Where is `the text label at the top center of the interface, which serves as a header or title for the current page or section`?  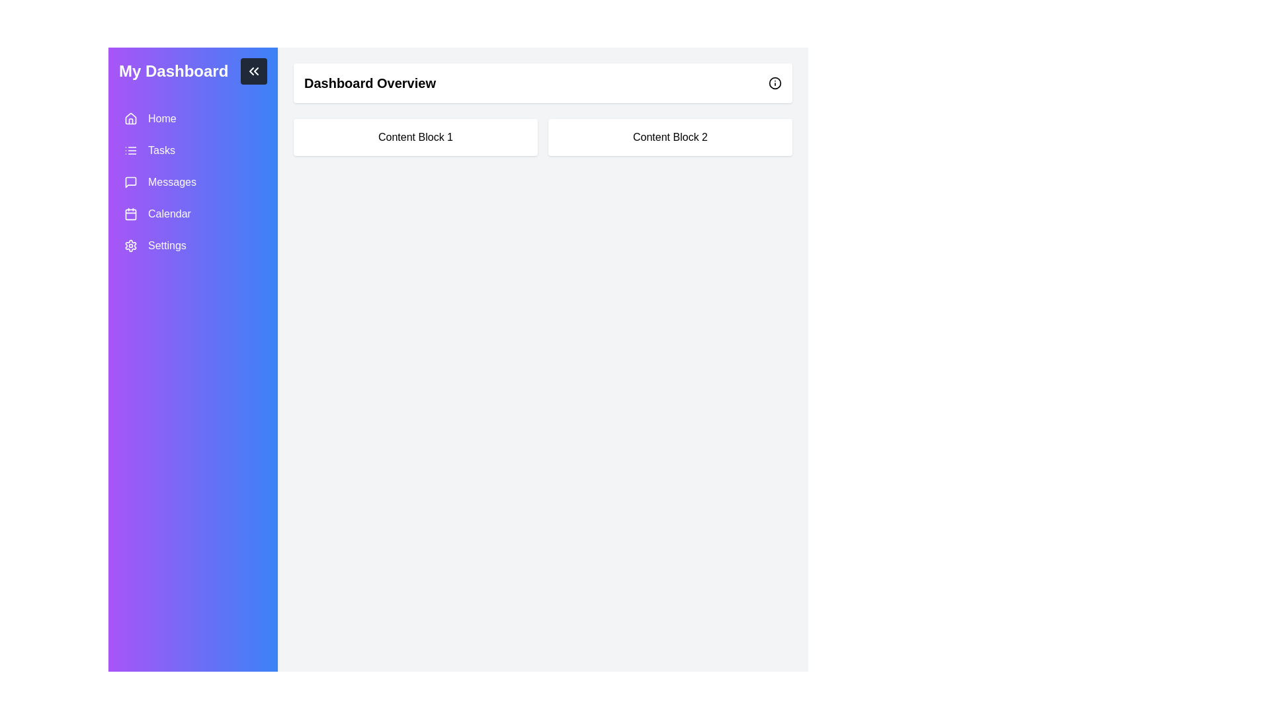
the text label at the top center of the interface, which serves as a header or title for the current page or section is located at coordinates (370, 83).